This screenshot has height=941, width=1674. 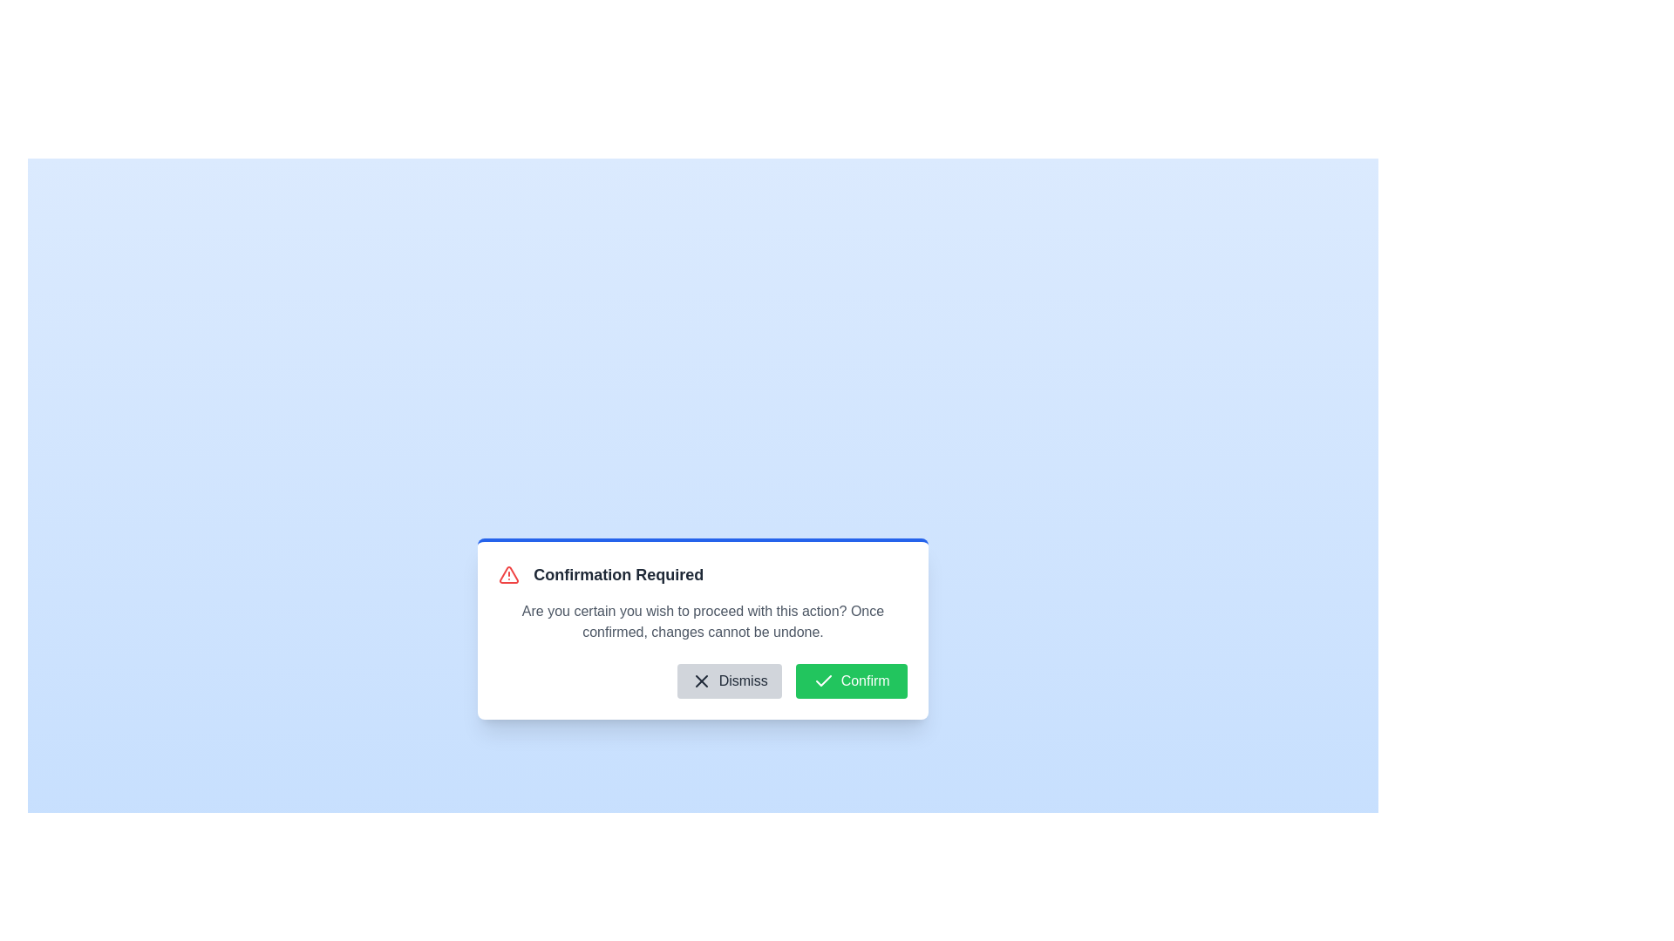 I want to click on the green 'Confirm' button with rounded corners, which is labeled with white text and has a checkmark icon, so click(x=851, y=680).